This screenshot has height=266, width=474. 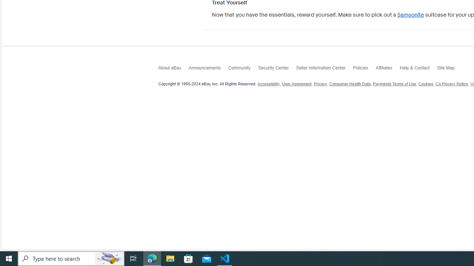 I want to click on 'Community', so click(x=243, y=69).